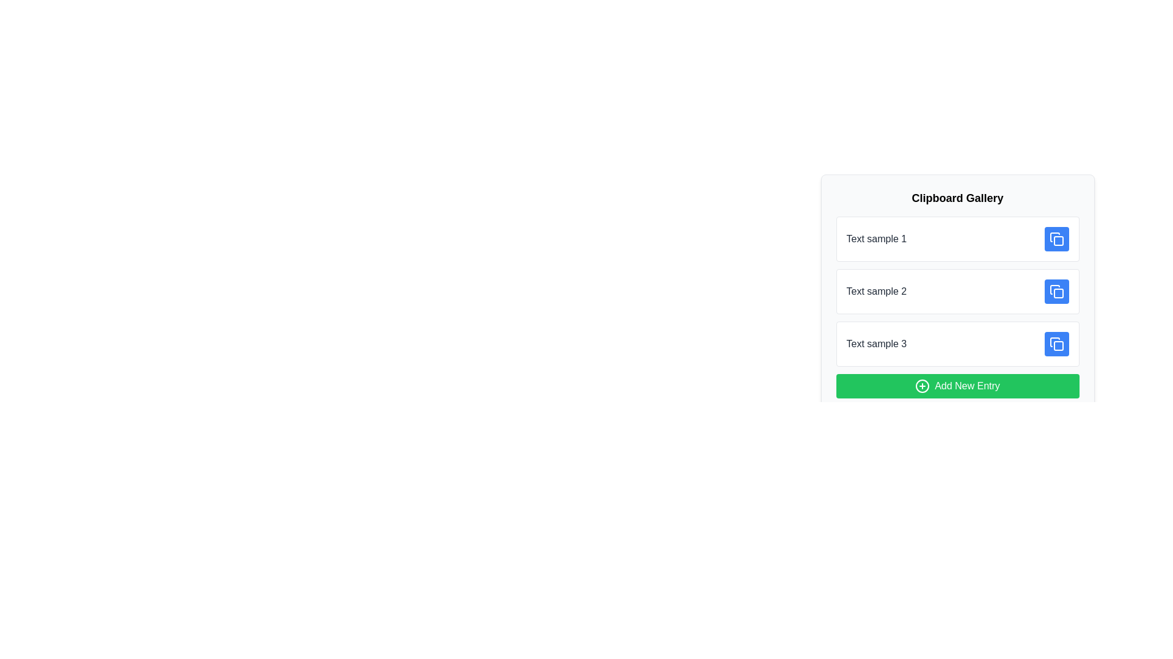  What do you see at coordinates (1056, 292) in the screenshot?
I see `the blue square button with rounded edges featuring a copy icon, located to the right of 'Text sample 2'` at bounding box center [1056, 292].